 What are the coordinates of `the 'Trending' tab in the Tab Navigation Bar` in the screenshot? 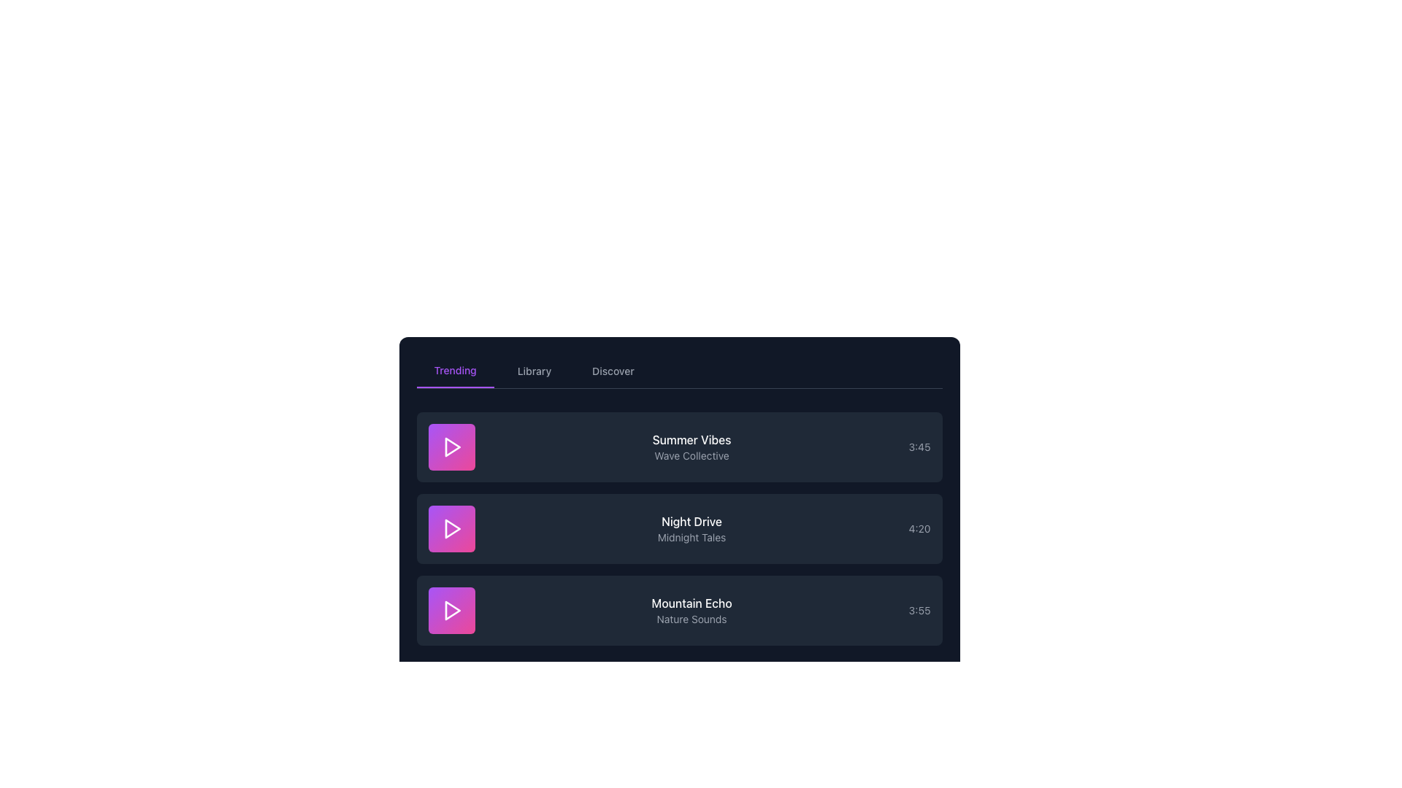 It's located at (678, 371).